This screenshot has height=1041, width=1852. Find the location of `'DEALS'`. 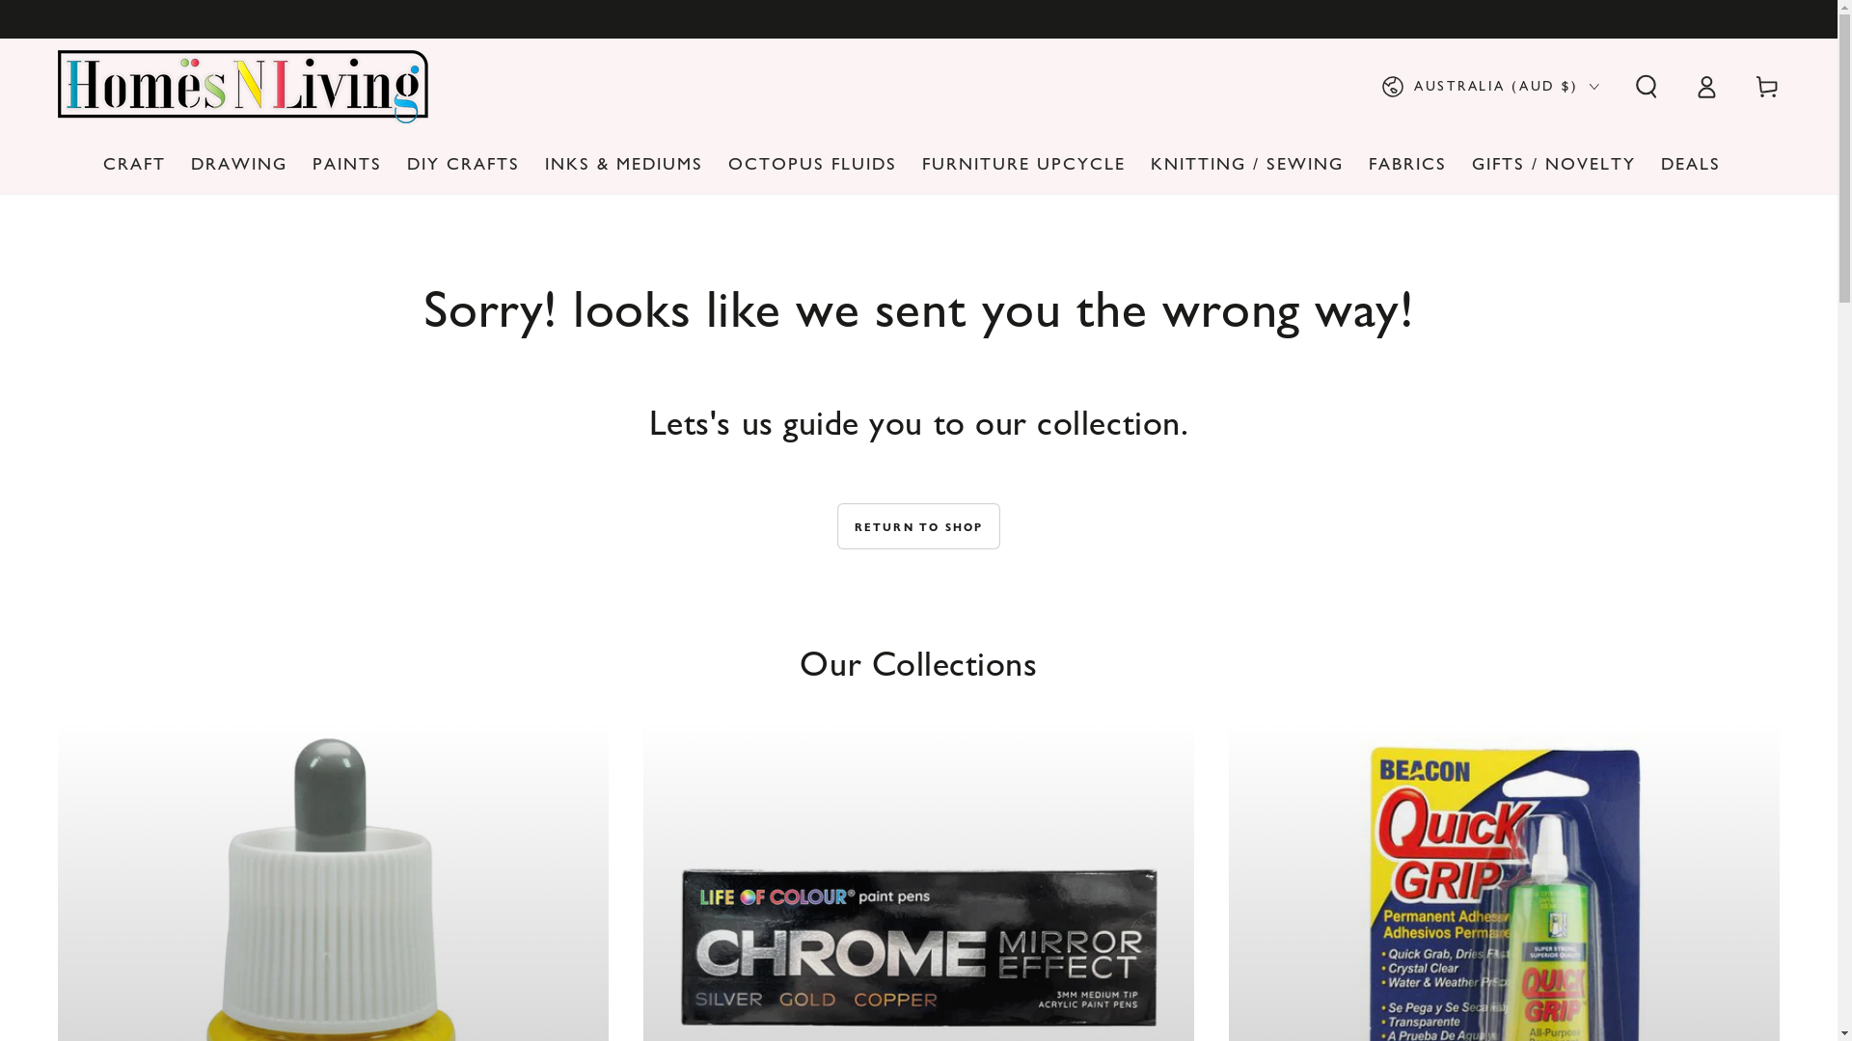

'DEALS' is located at coordinates (1689, 163).